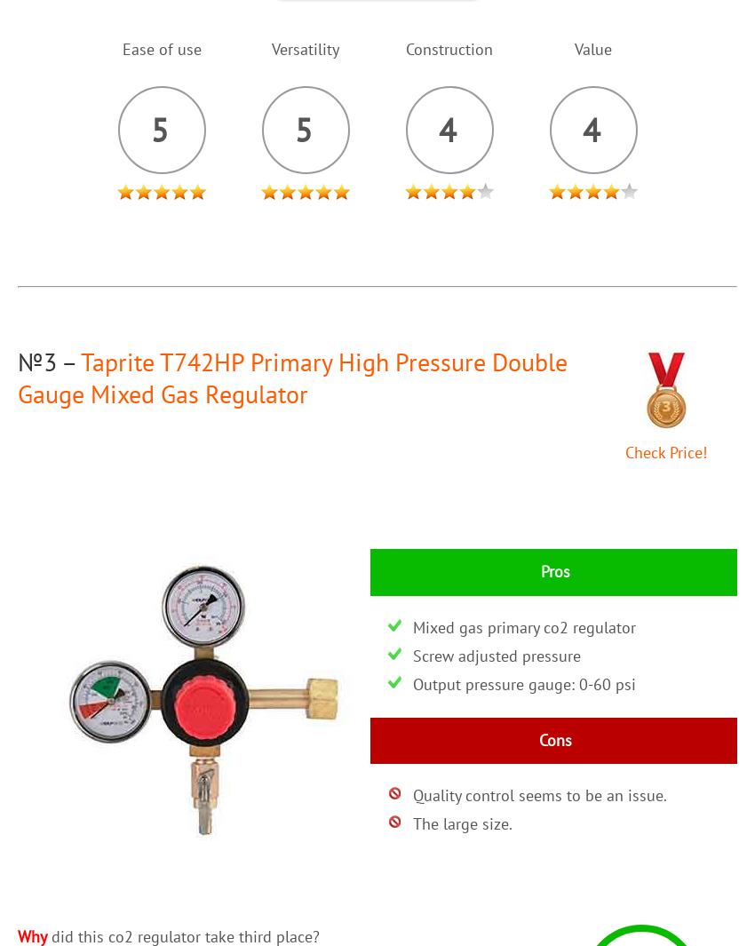 The image size is (755, 946). What do you see at coordinates (666, 450) in the screenshot?
I see `'Check Price!'` at bounding box center [666, 450].